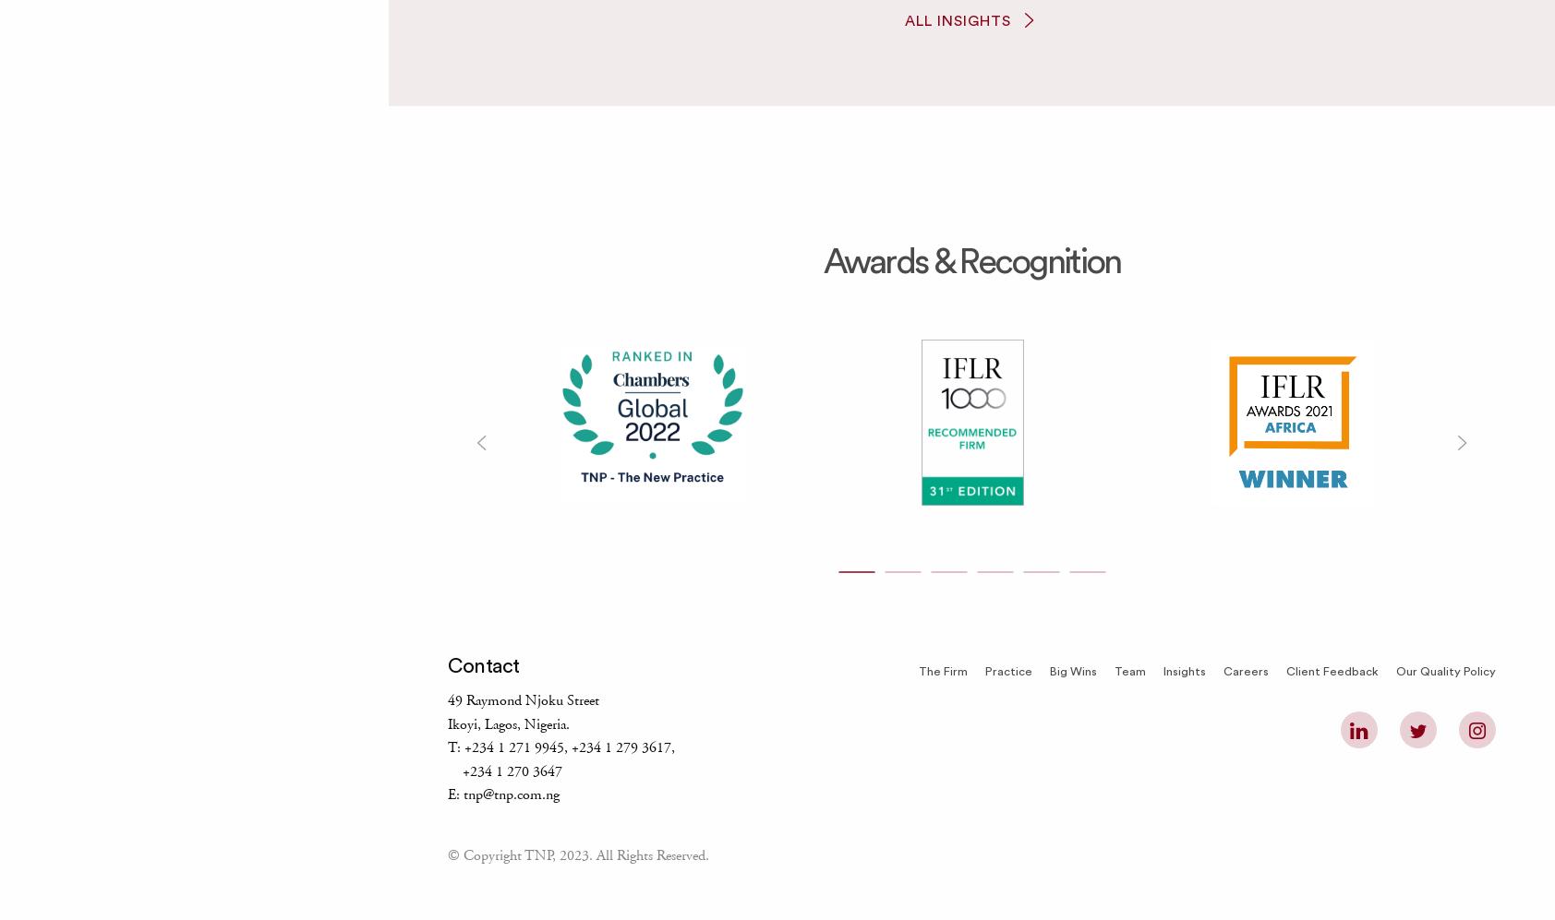 Image resolution: width=1555 pixels, height=920 pixels. Describe the element at coordinates (1072, 672) in the screenshot. I see `'Big Wins'` at that location.